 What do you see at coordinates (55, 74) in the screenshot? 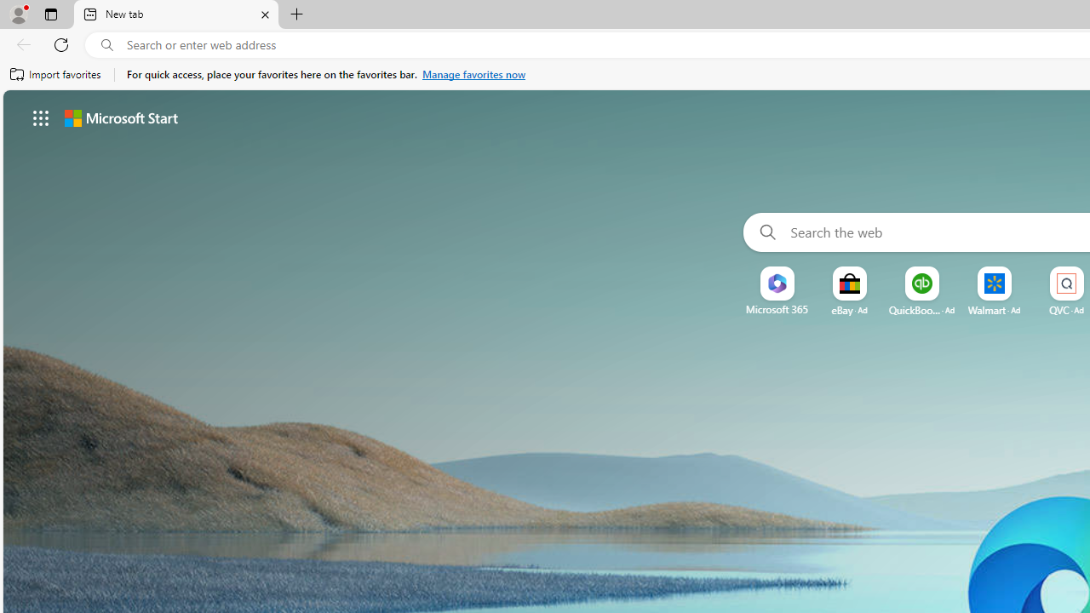
I see `'Import favorites'` at bounding box center [55, 74].